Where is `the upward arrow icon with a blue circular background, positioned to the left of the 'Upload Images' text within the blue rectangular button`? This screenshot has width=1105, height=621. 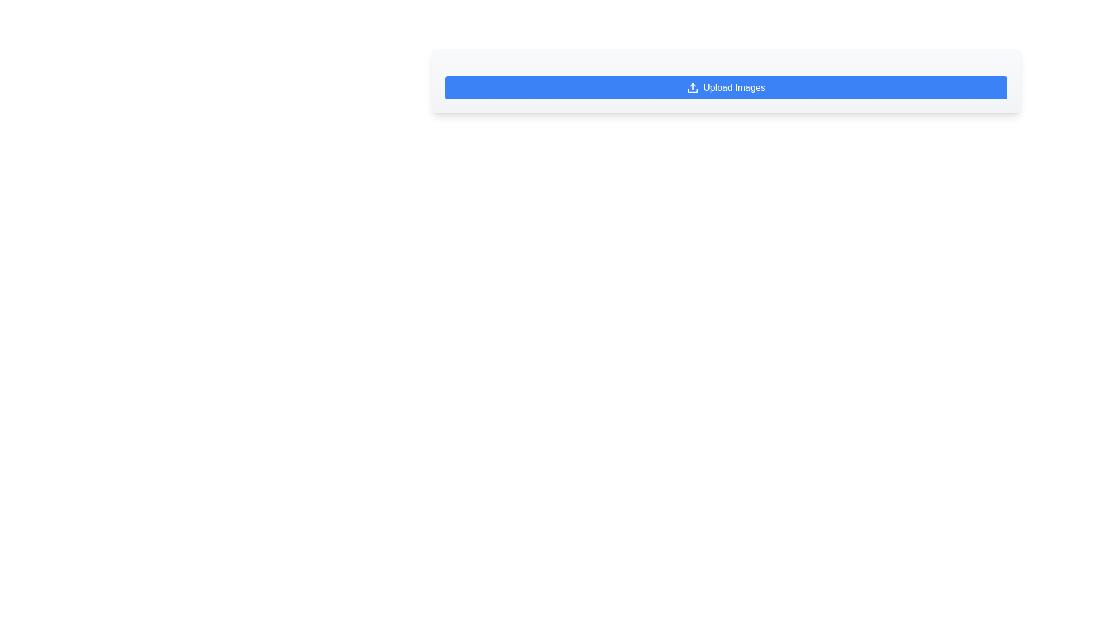
the upward arrow icon with a blue circular background, positioned to the left of the 'Upload Images' text within the blue rectangular button is located at coordinates (692, 87).